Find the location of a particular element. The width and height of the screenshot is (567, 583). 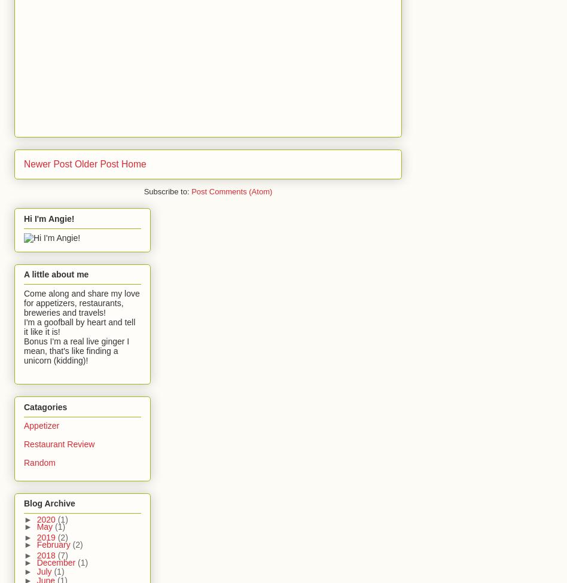

'December' is located at coordinates (57, 561).